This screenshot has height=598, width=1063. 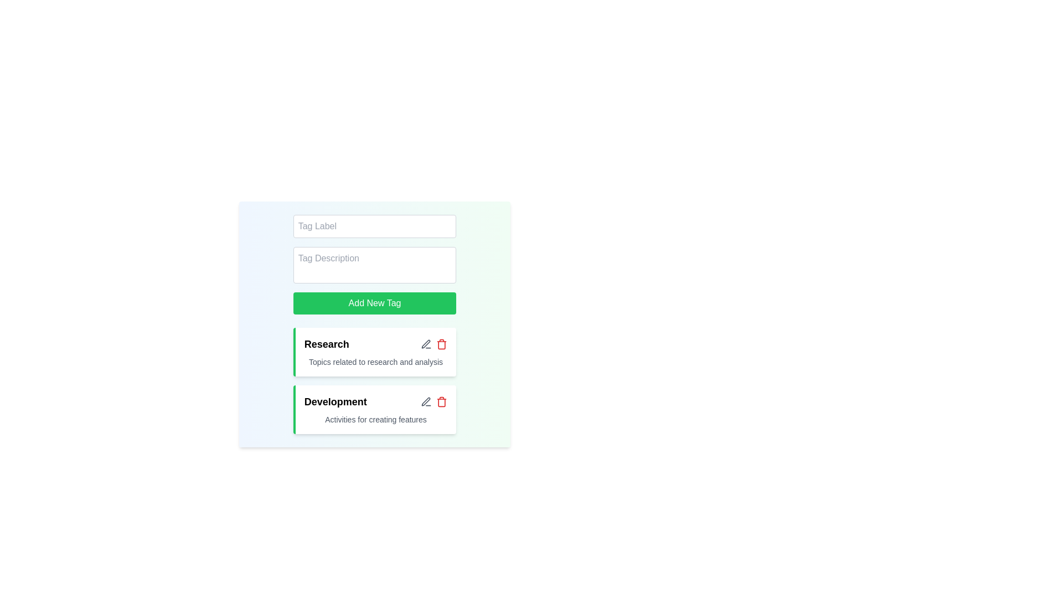 What do you see at coordinates (441, 401) in the screenshot?
I see `the 'Remove' button associated with the 'Development' entry to initiate the removal action` at bounding box center [441, 401].